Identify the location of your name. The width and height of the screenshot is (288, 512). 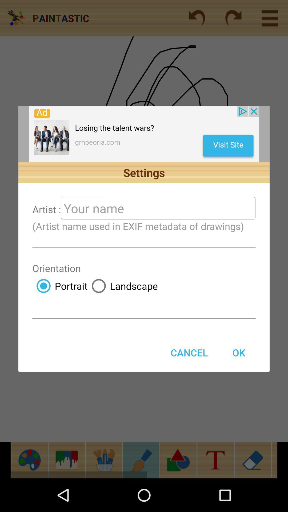
(158, 208).